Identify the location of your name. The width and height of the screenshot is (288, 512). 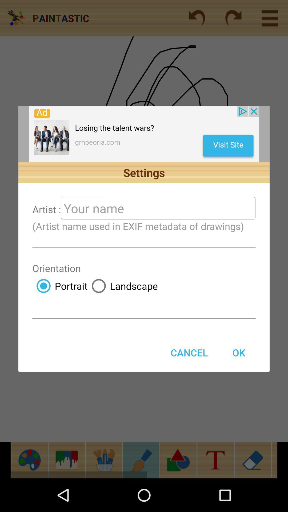
(158, 208).